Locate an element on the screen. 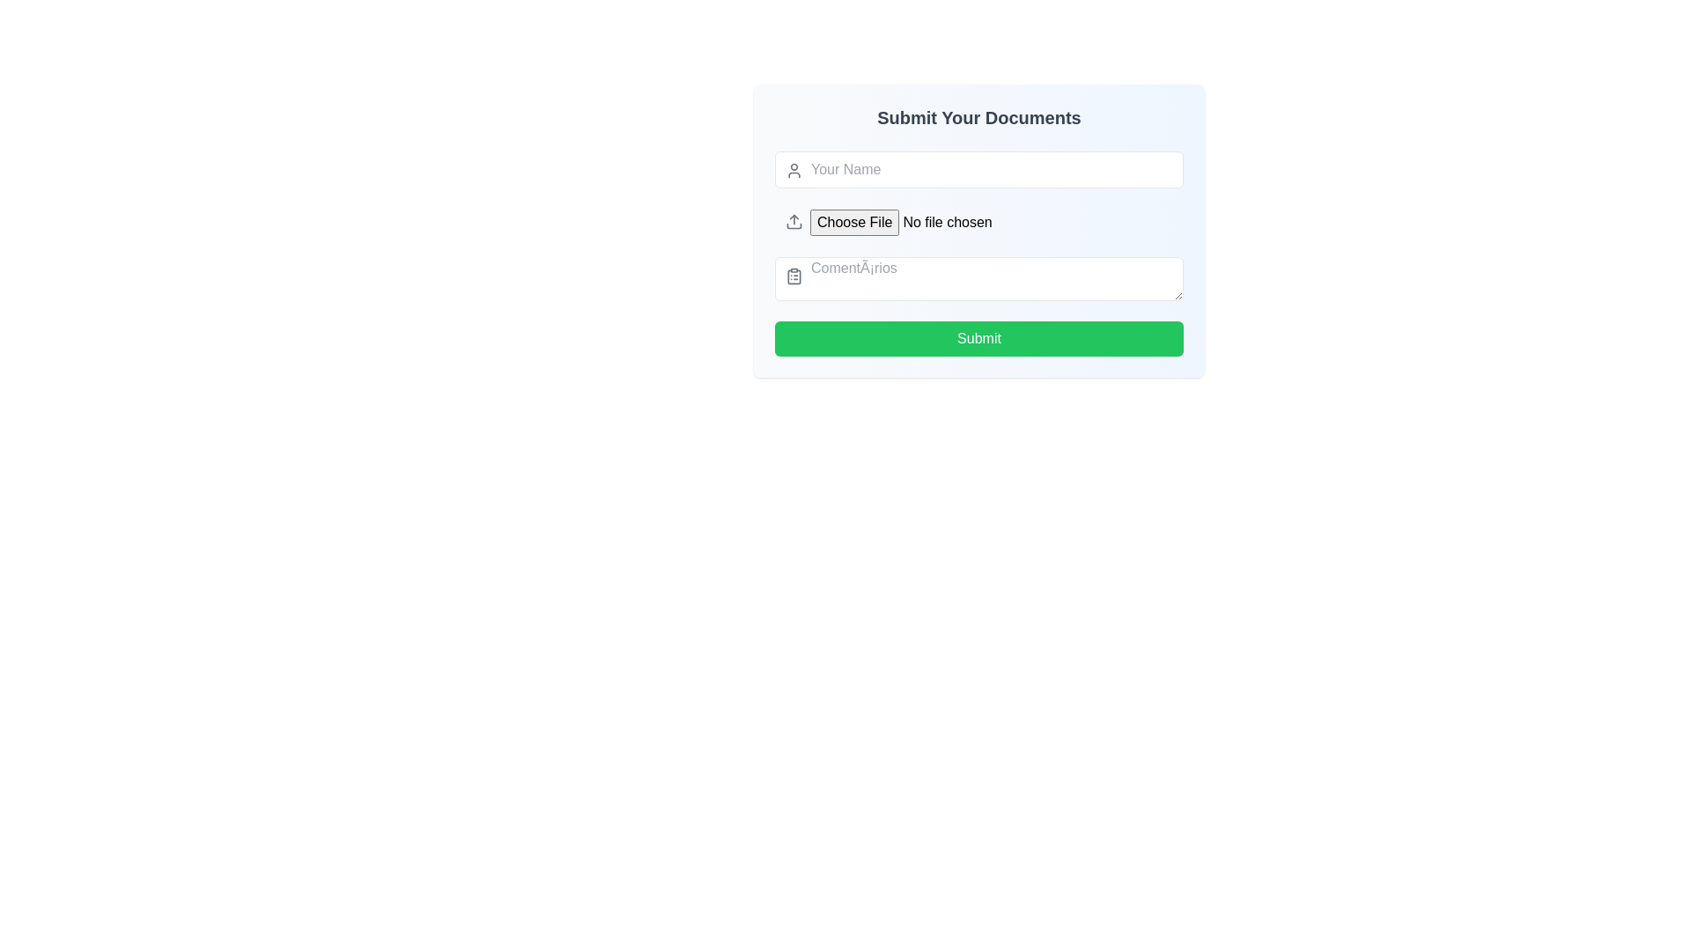 This screenshot has height=951, width=1691. the clipboard icon located in the top-left corner of the 'Comentários' text input area, which features a rectangular base with rounded edges and a clip at the top is located at coordinates (794, 276).